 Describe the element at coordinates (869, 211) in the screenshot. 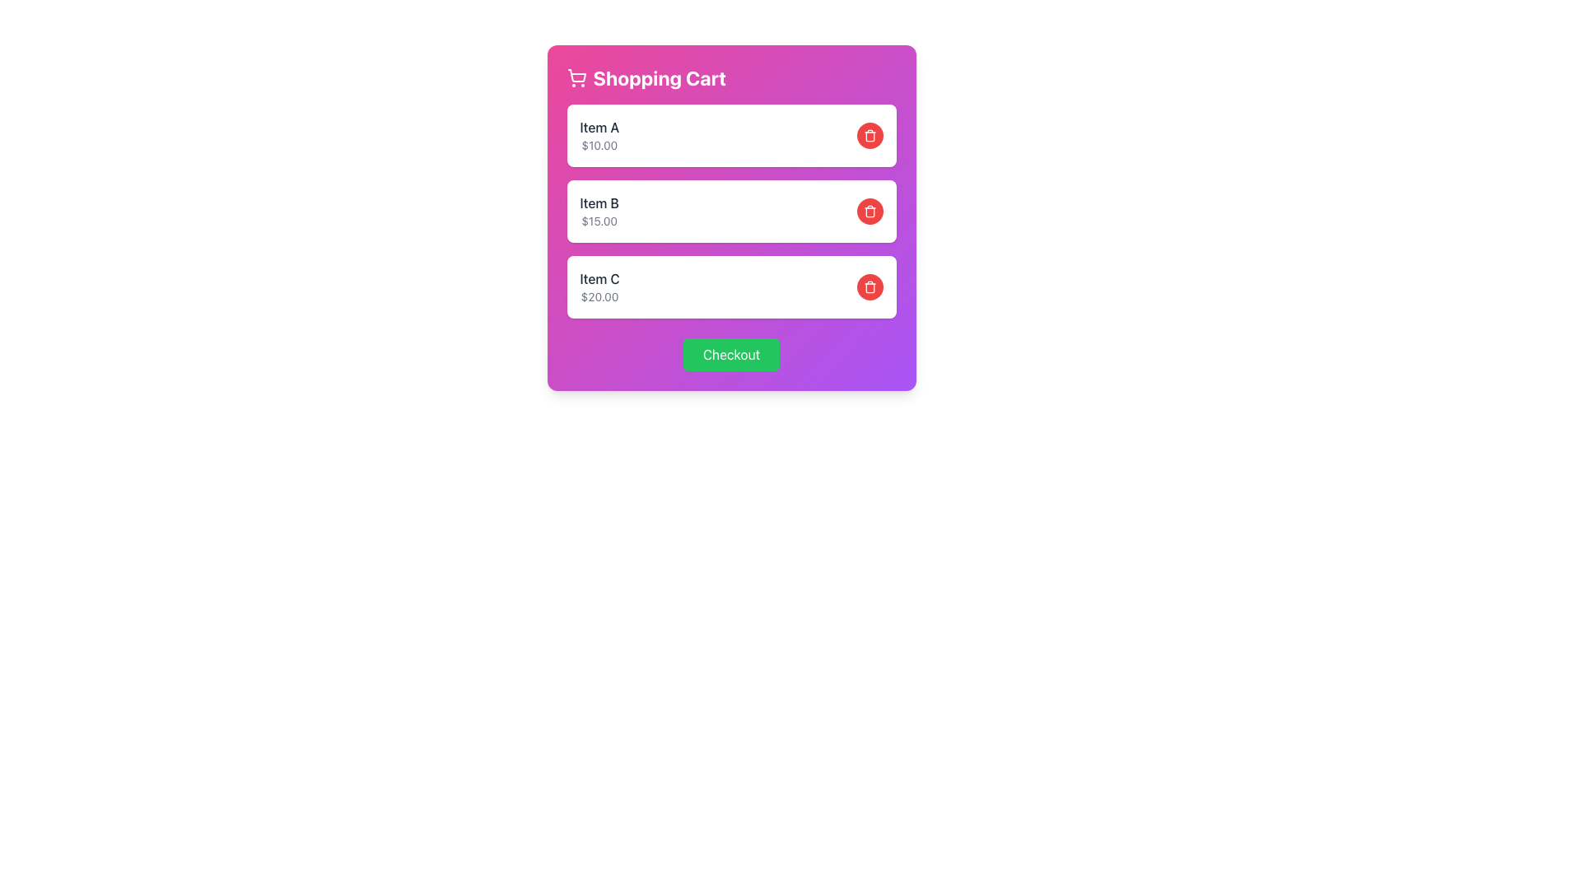

I see `the delete icon button located to the right of 'Item B' priced at $15.00 in the shopping cart interface` at that location.